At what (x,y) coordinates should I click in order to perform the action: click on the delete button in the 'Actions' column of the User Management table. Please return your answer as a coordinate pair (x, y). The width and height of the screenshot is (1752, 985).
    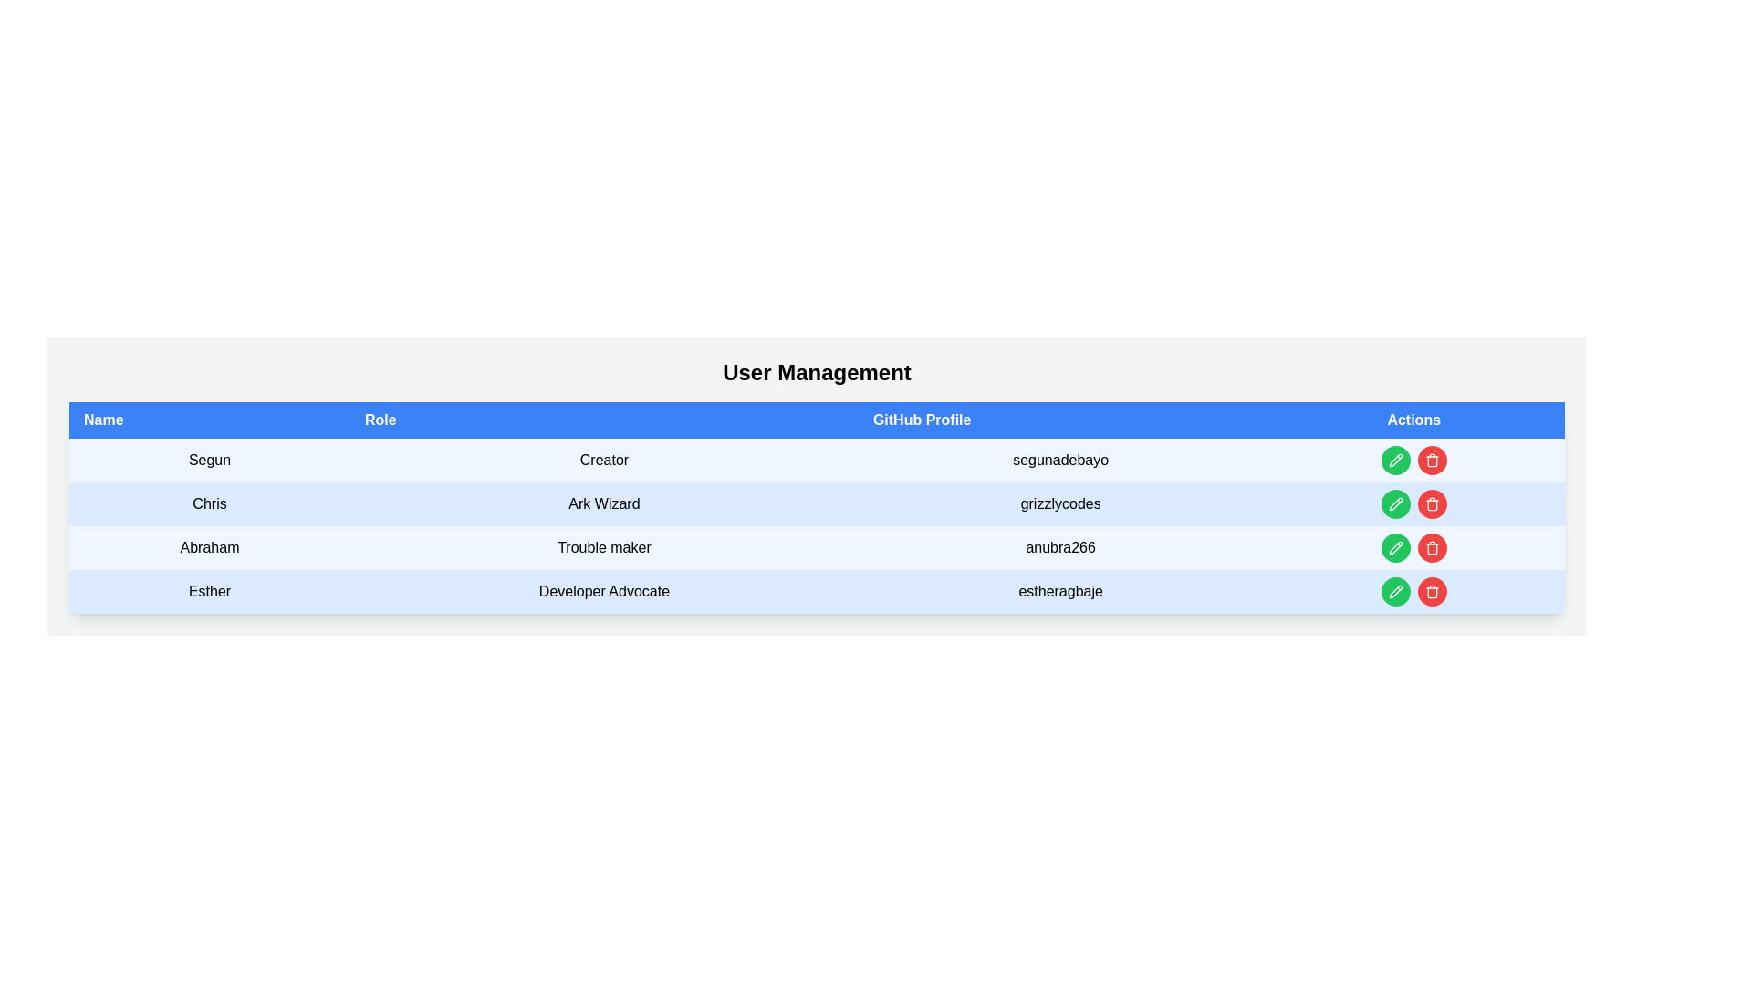
    Looking at the image, I should click on (1431, 460).